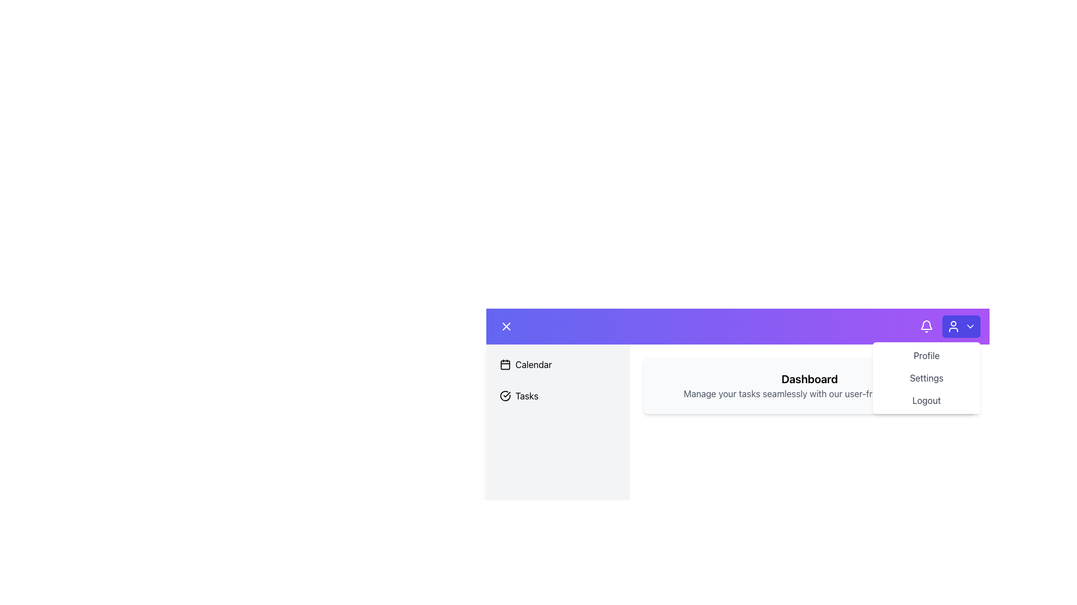 The image size is (1077, 605). What do you see at coordinates (926, 325) in the screenshot?
I see `the bell icon in the top-right section of the interface` at bounding box center [926, 325].